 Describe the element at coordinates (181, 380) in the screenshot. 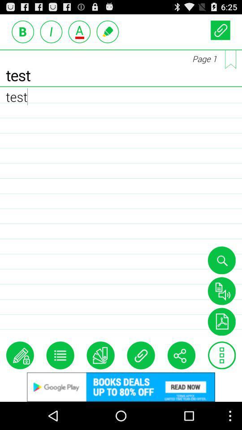

I see `the share icon` at that location.